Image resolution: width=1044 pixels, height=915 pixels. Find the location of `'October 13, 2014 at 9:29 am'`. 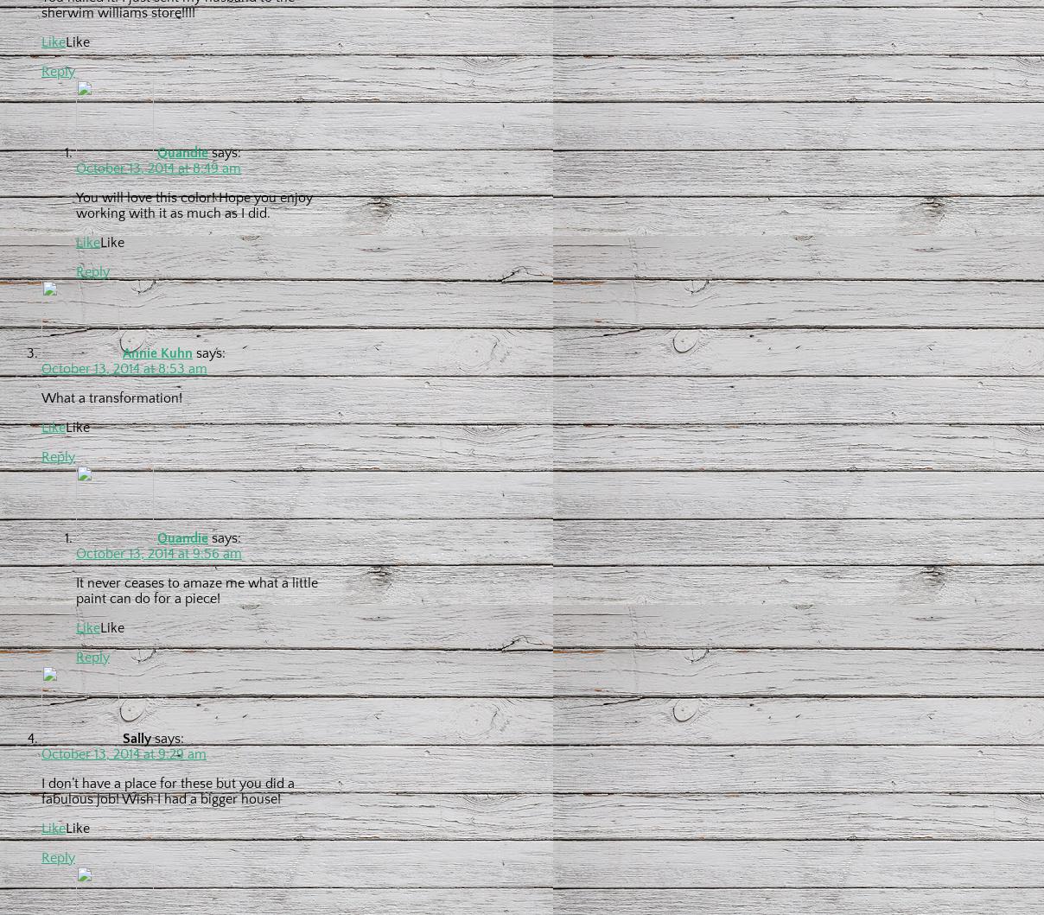

'October 13, 2014 at 9:29 am' is located at coordinates (123, 753).